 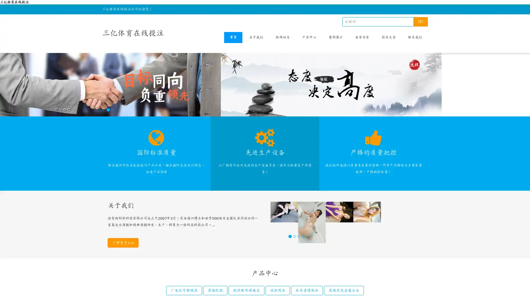 I want to click on !, so click(x=420, y=21).